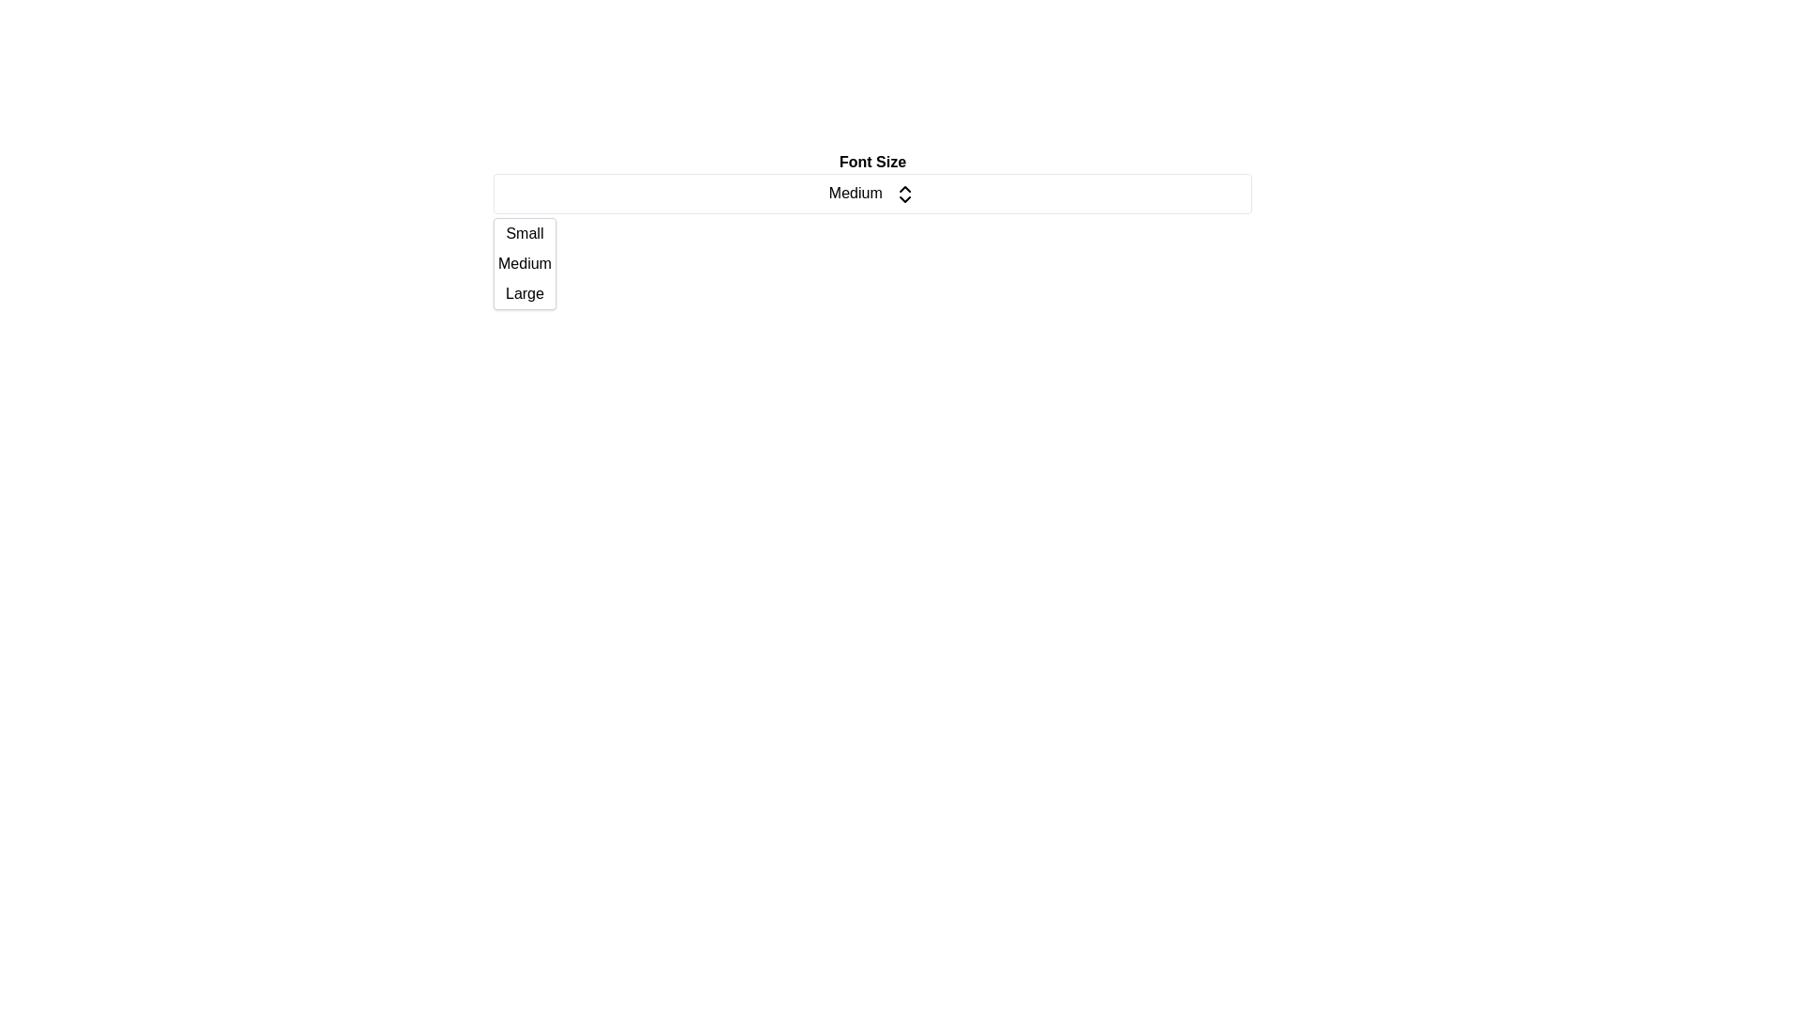 The image size is (1805, 1015). Describe the element at coordinates (525, 263) in the screenshot. I see `to select the 'Medium' option from the dropdown menu, which is the second item in the list between 'Small' and 'Large'` at that location.